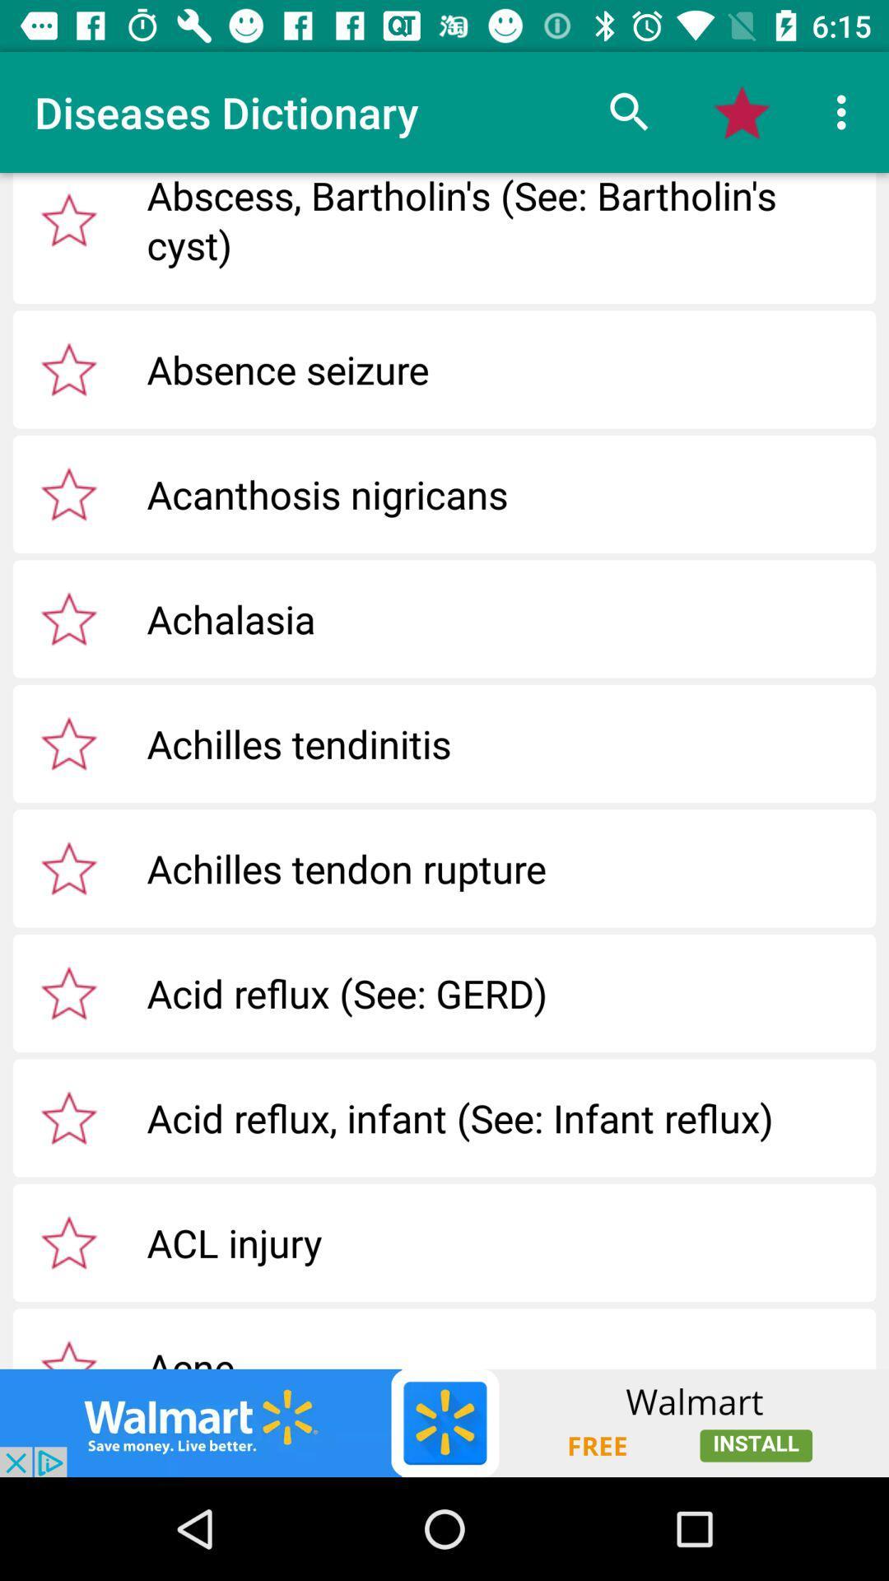 This screenshot has height=1581, width=889. What do you see at coordinates (68, 368) in the screenshot?
I see `to favorites` at bounding box center [68, 368].